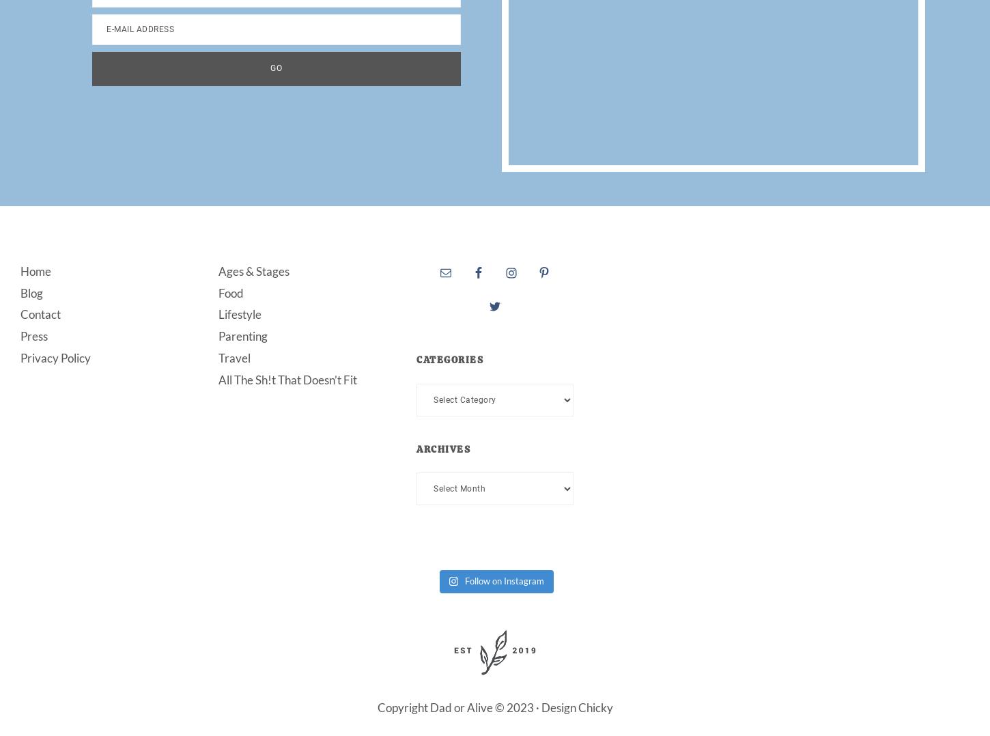  What do you see at coordinates (20, 314) in the screenshot?
I see `'Contact'` at bounding box center [20, 314].